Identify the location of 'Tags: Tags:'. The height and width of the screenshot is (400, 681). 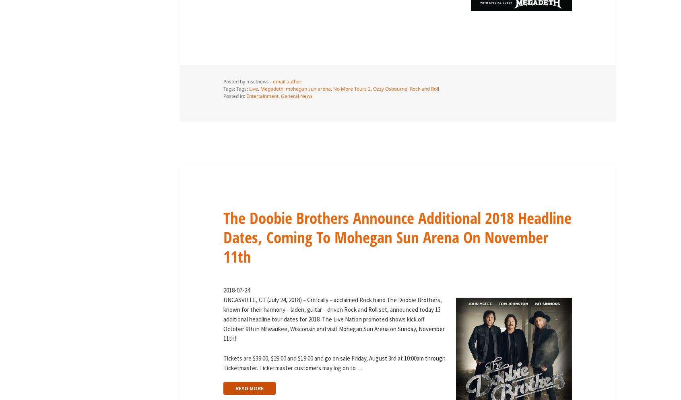
(235, 88).